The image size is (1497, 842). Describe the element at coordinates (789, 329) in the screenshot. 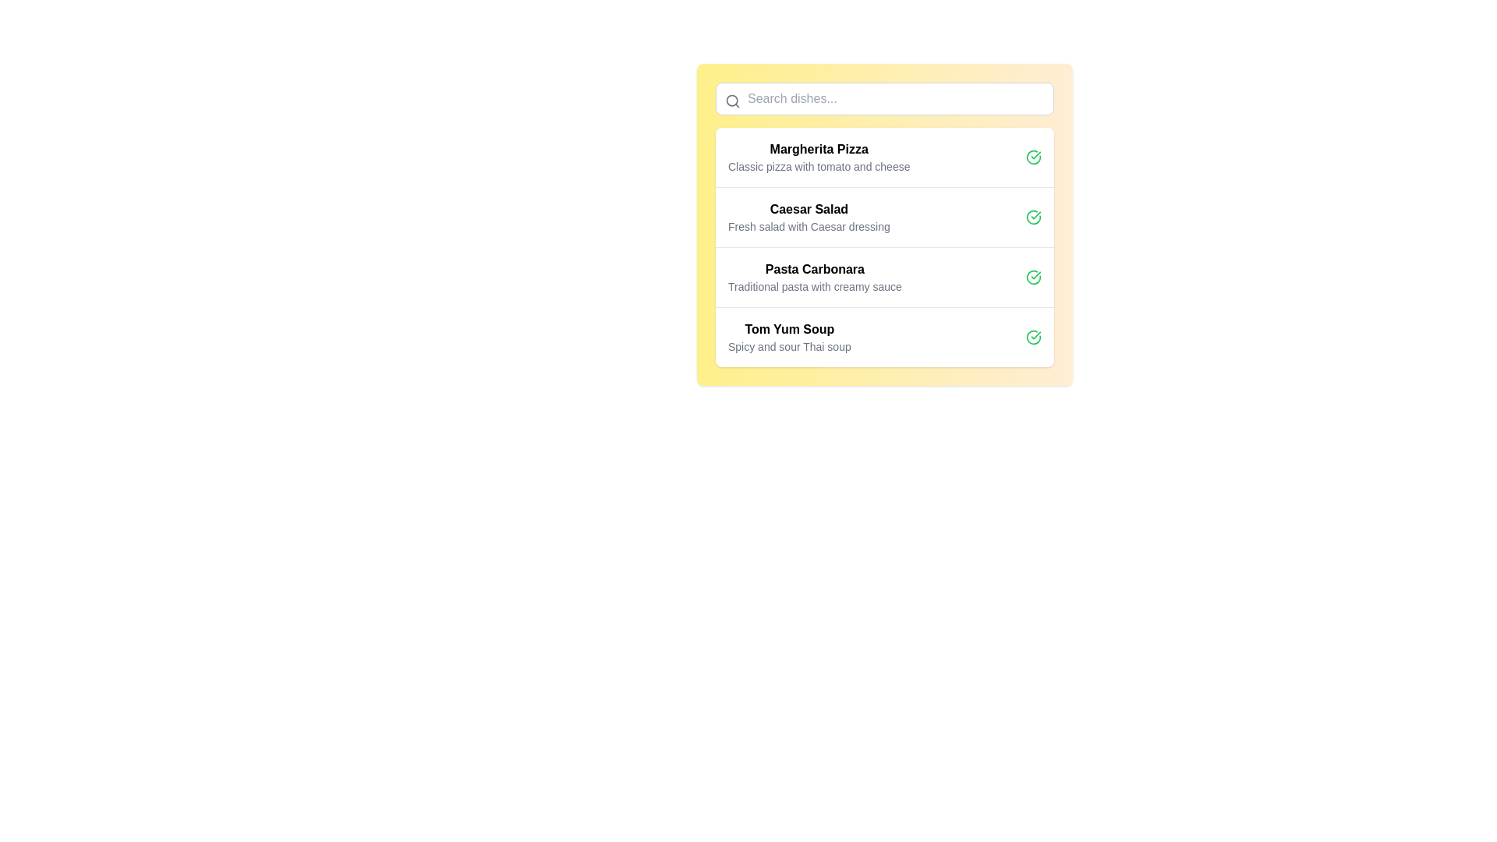

I see `the Label element that displays 'Tom Yum Soup', which is styled with a bold font and positioned above the description 'Spicy and sour Thai soup' in the fourth list item` at that location.